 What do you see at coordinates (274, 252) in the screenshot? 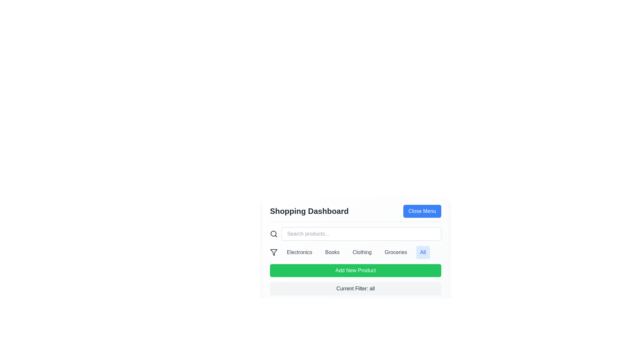
I see `the filter icon located below the search bar and to the left of the category selection buttons` at bounding box center [274, 252].